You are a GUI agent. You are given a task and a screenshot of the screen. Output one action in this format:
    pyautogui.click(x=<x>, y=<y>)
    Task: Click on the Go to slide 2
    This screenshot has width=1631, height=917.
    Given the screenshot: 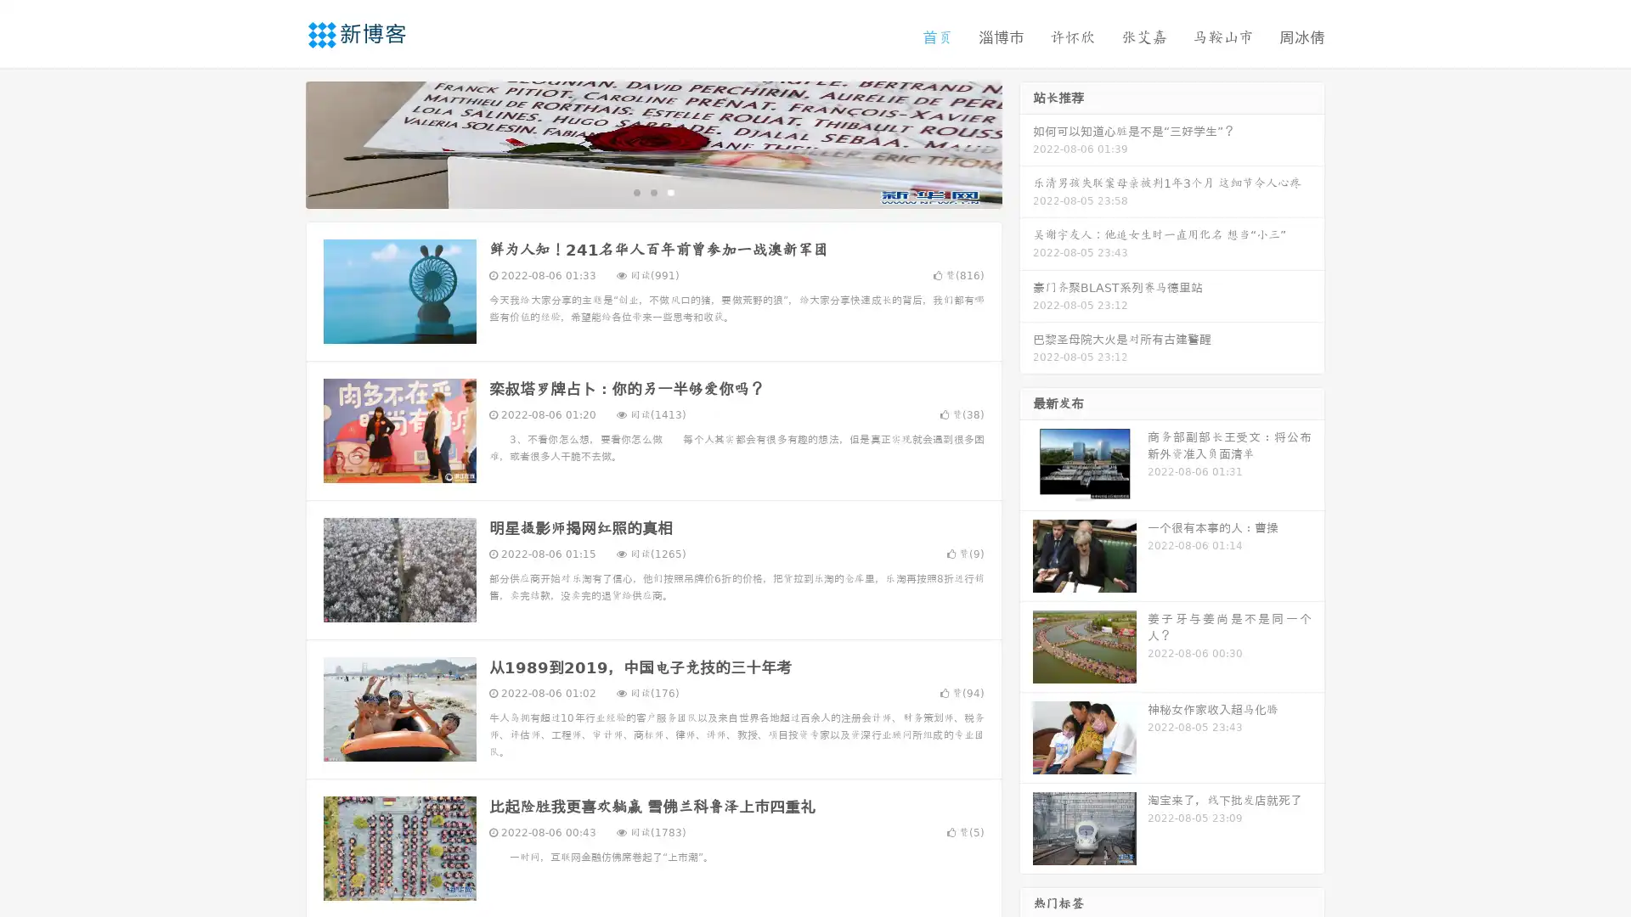 What is the action you would take?
    pyautogui.click(x=652, y=191)
    